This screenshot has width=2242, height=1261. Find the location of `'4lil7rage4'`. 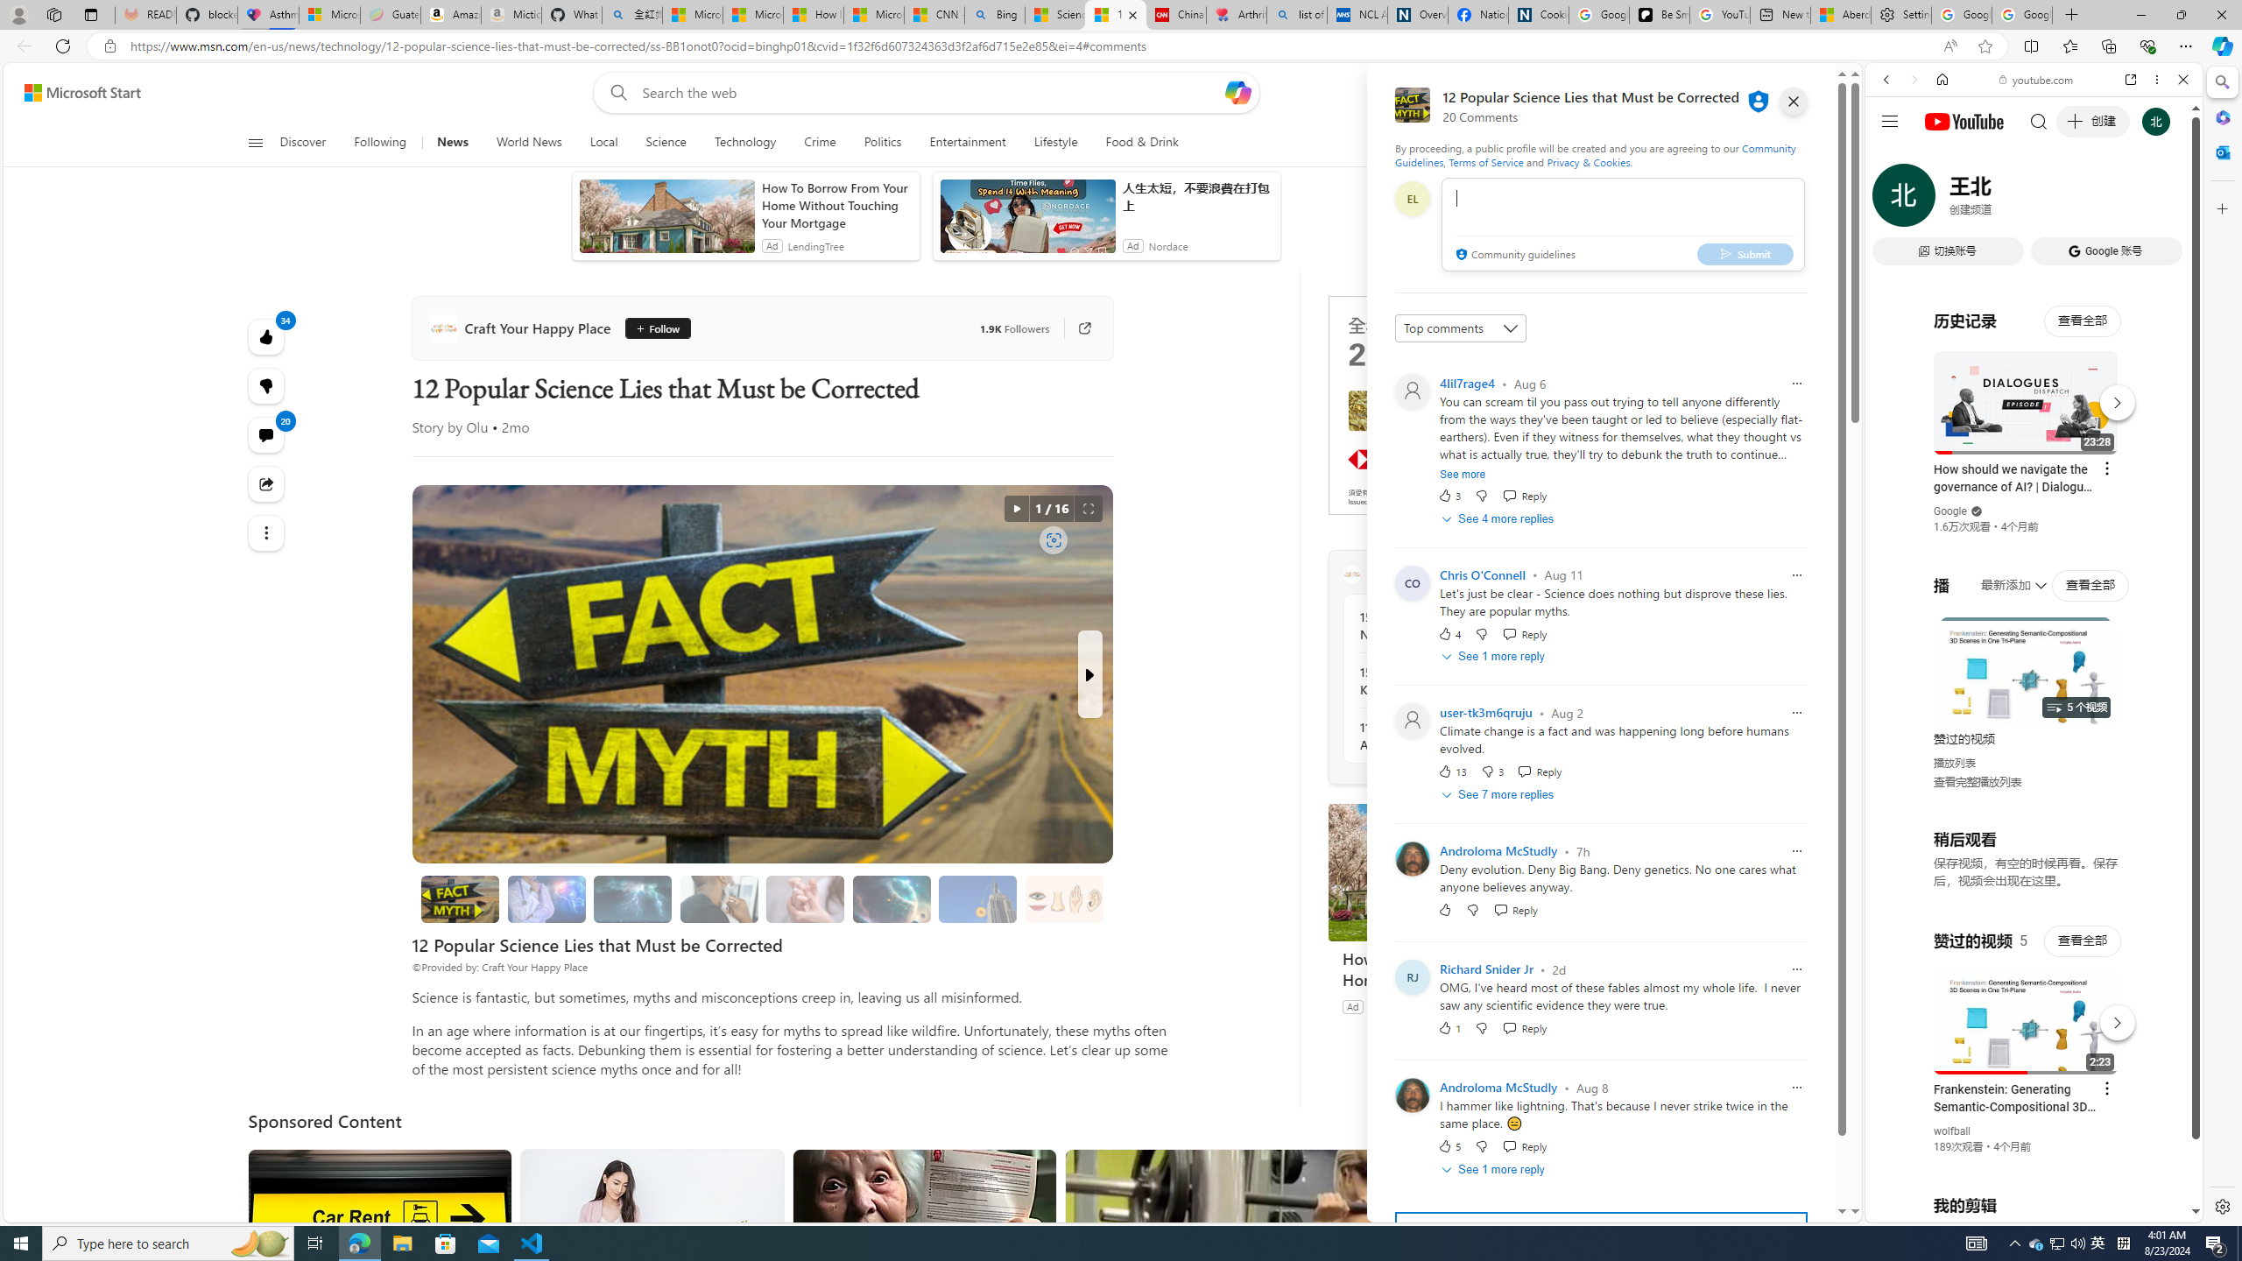

'4lil7rage4' is located at coordinates (1467, 382).